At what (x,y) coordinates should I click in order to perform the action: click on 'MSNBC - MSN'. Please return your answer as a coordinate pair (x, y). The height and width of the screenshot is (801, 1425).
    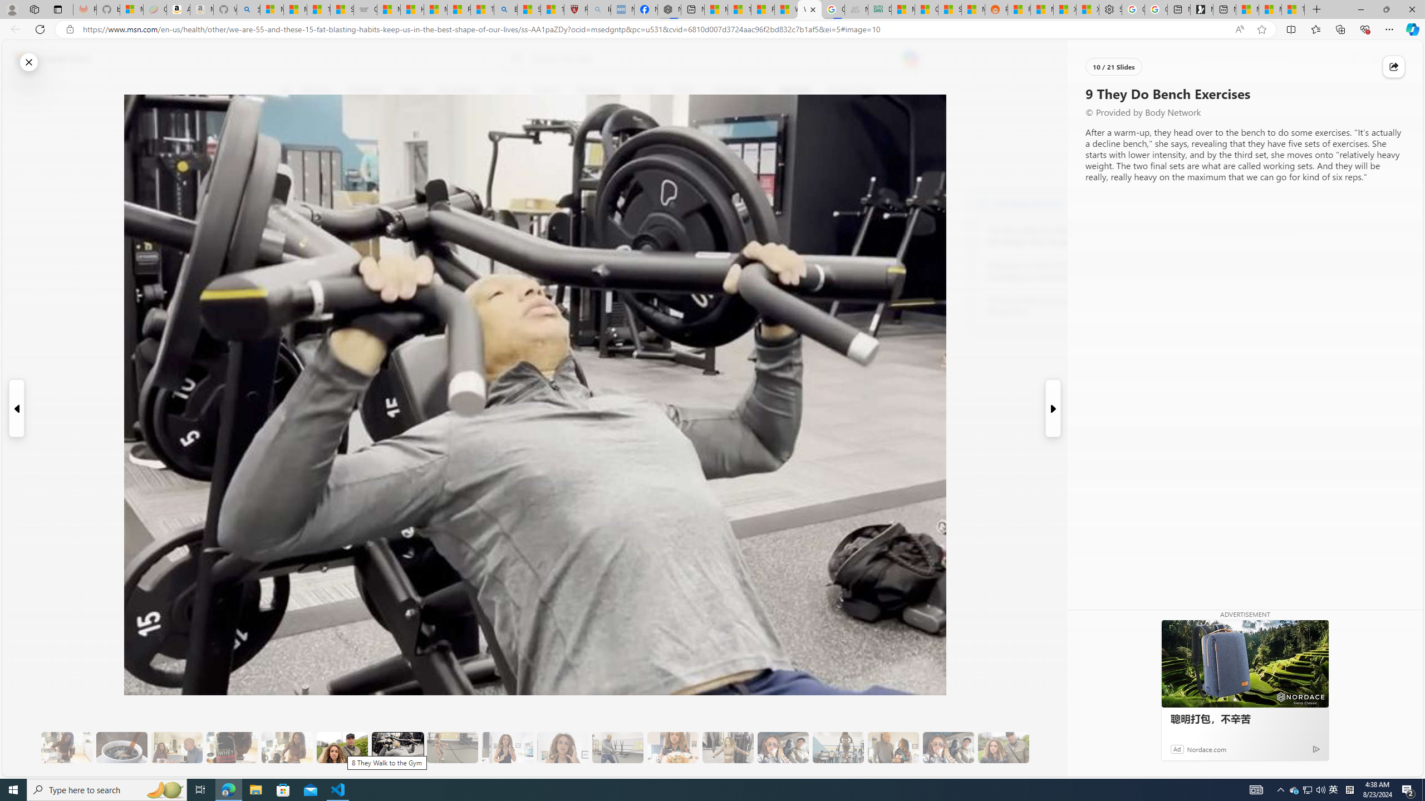
    Looking at the image, I should click on (902, 9).